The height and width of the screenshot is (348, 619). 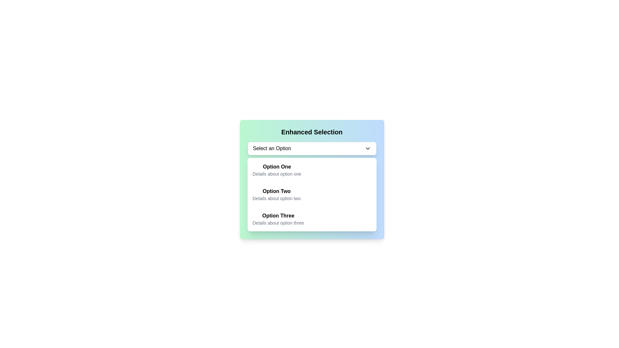 I want to click on the first option in the 'Enhanced Selection' dropdown menu, which displays 'Option One' in bold with additional details below it, so click(x=277, y=170).